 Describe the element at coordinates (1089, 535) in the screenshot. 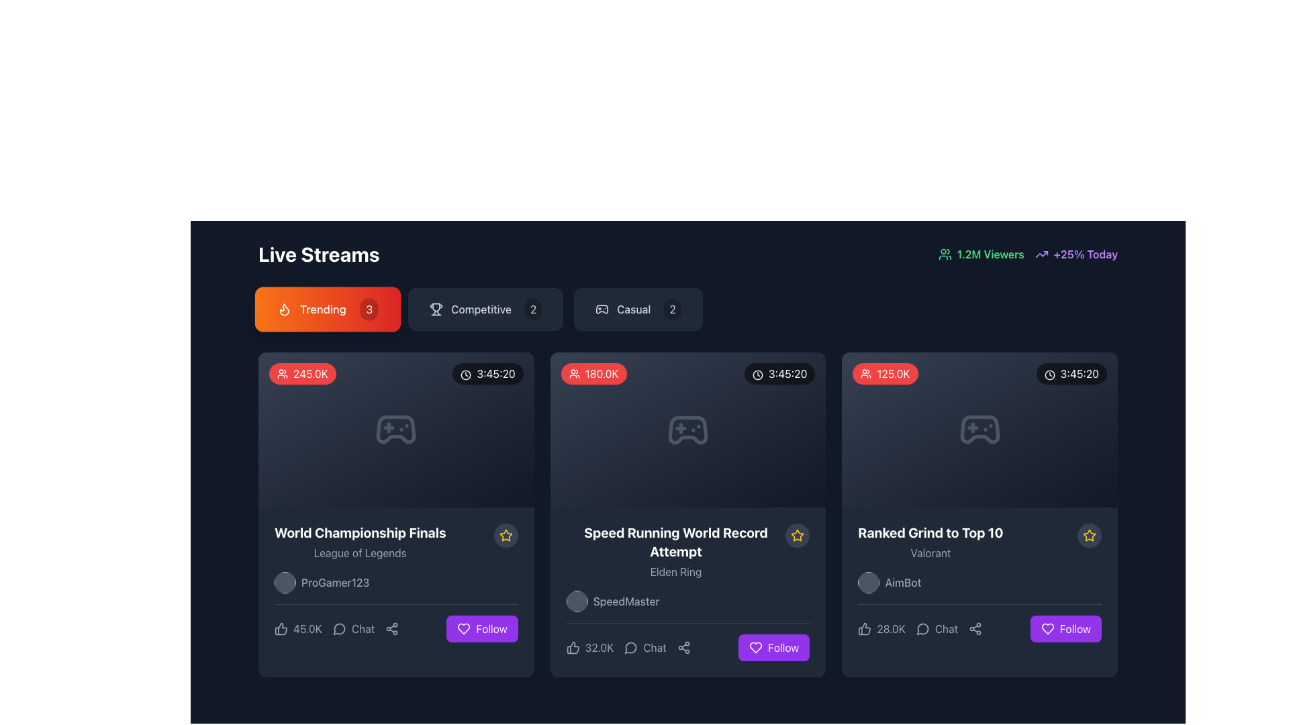

I see `the star-shaped icon outlined in yellow located in the bottom right corner of the 'Ranked Grind to Top 10' content card` at that location.